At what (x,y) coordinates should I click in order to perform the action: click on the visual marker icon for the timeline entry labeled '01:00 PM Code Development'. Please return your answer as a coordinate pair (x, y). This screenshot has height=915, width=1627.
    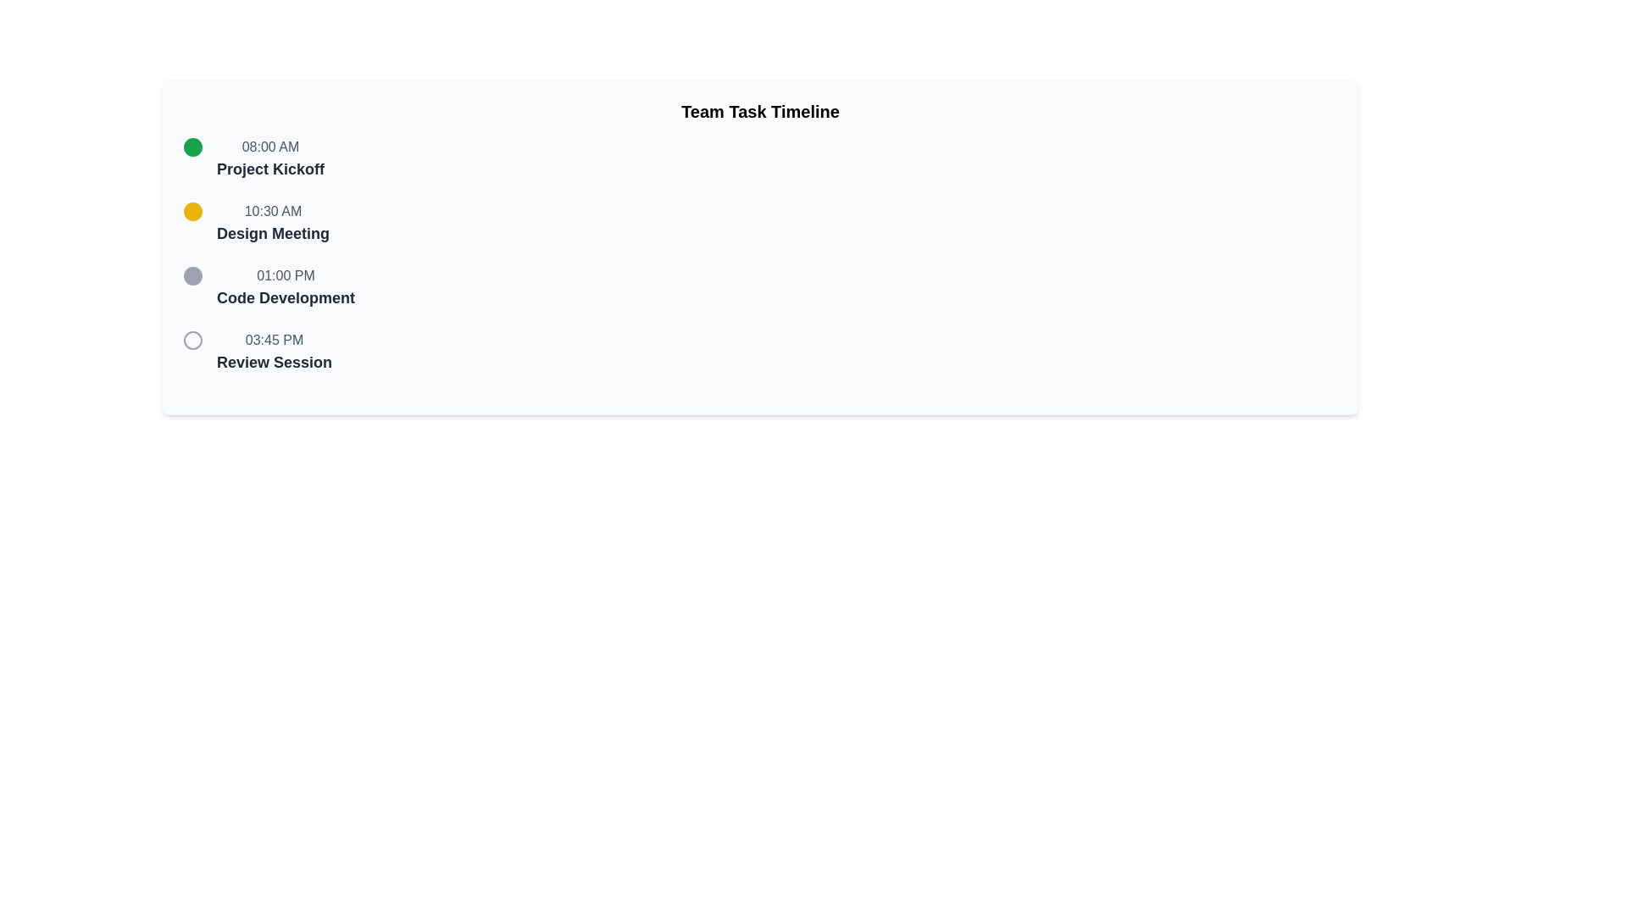
    Looking at the image, I should click on (192, 276).